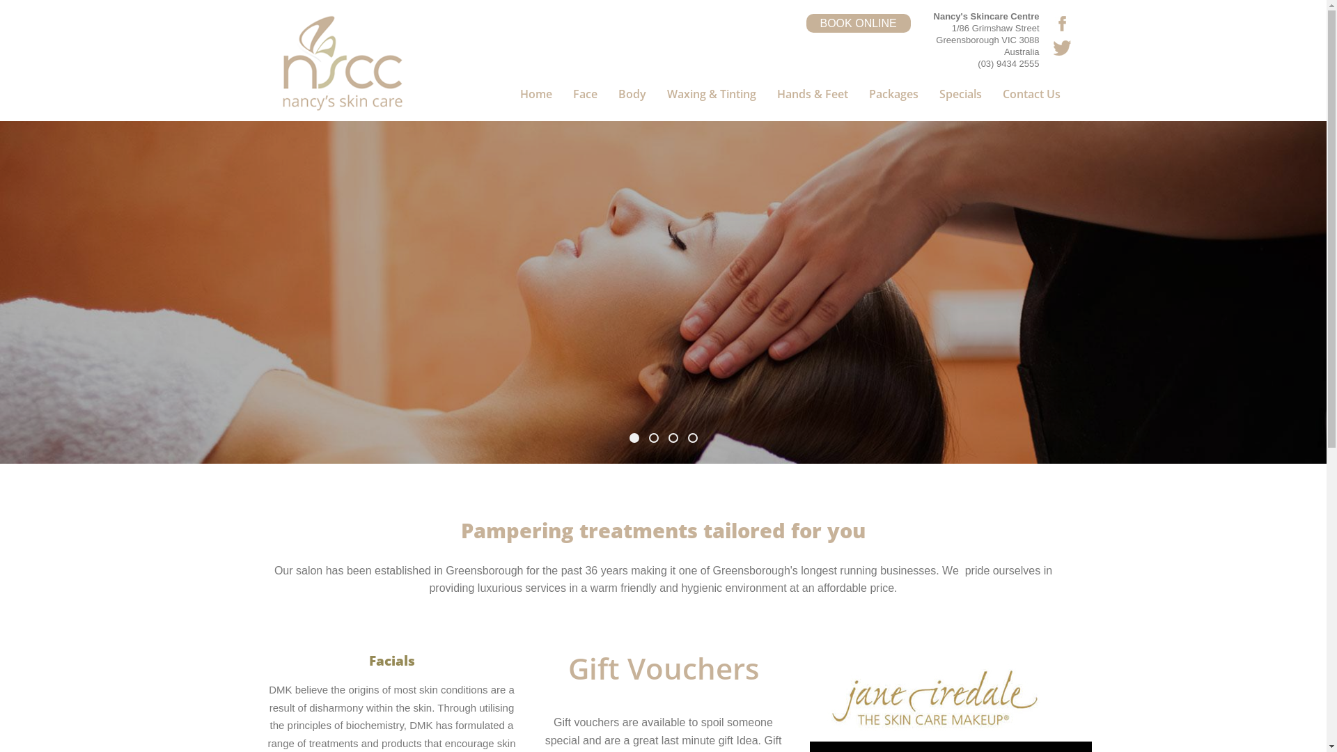 The image size is (1337, 752). Describe the element at coordinates (1026, 98) in the screenshot. I see `'Contact Us'` at that location.